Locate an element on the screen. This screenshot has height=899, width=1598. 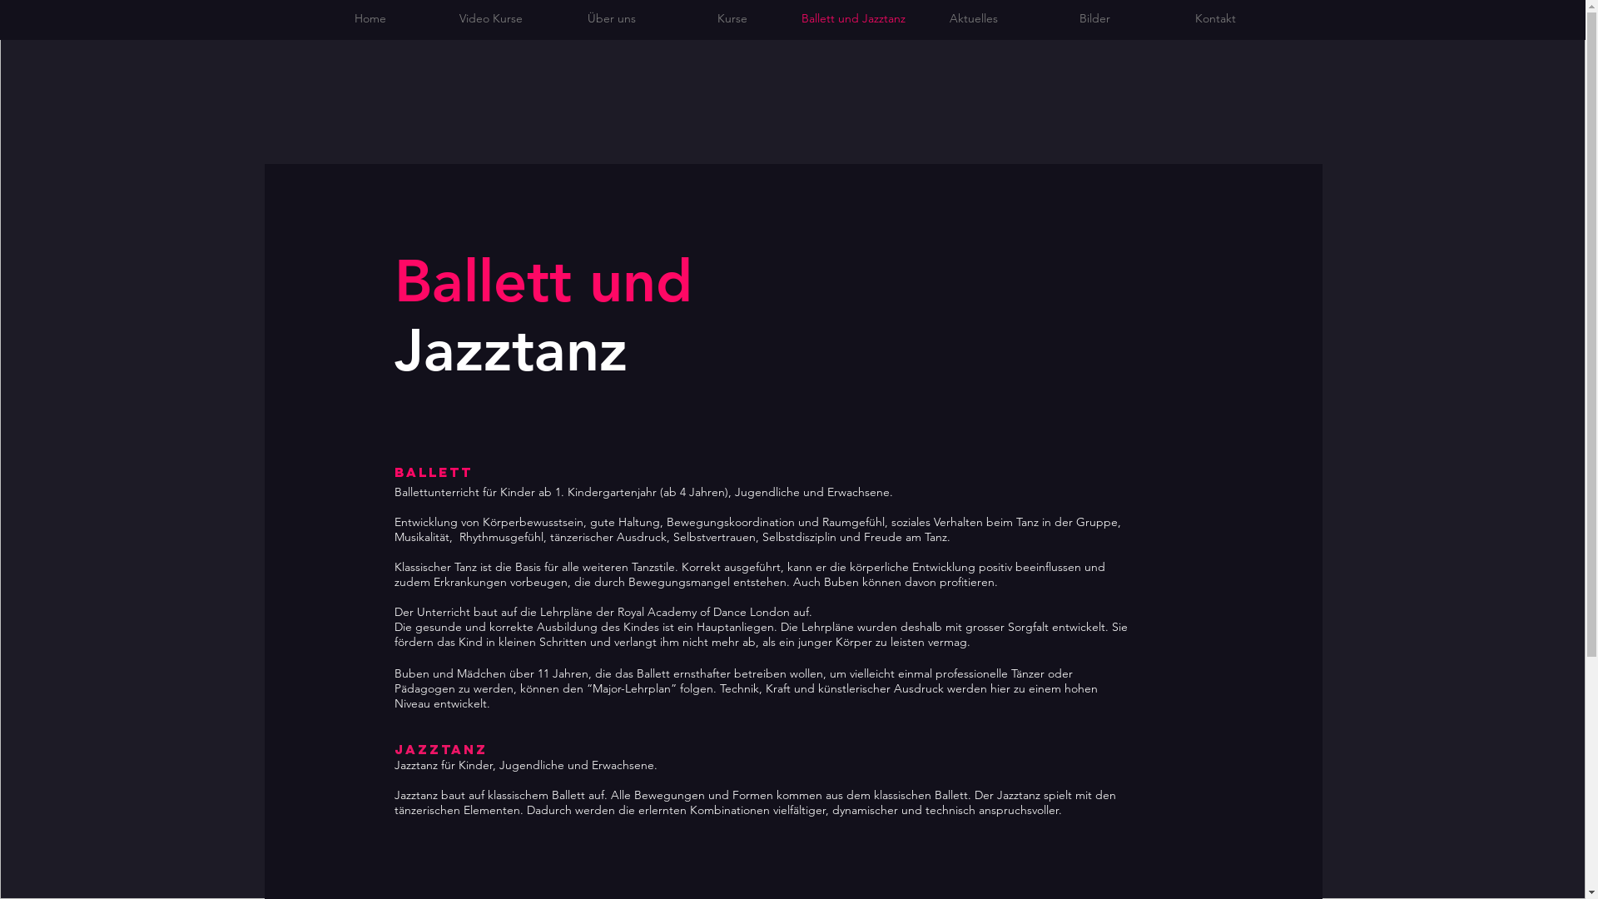
'Ballett und Jazztanz' is located at coordinates (852, 18).